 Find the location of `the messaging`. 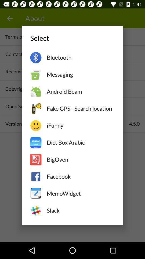

the messaging is located at coordinates (80, 74).